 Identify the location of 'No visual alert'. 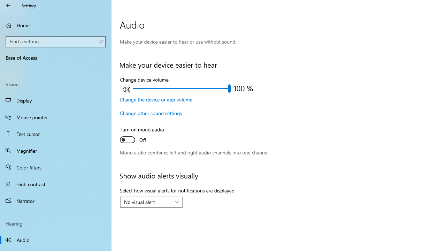
(147, 202).